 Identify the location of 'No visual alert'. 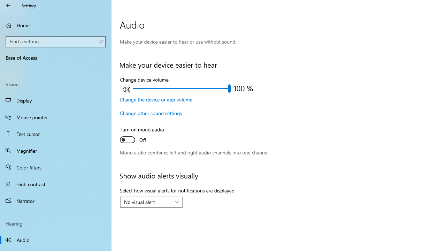
(147, 202).